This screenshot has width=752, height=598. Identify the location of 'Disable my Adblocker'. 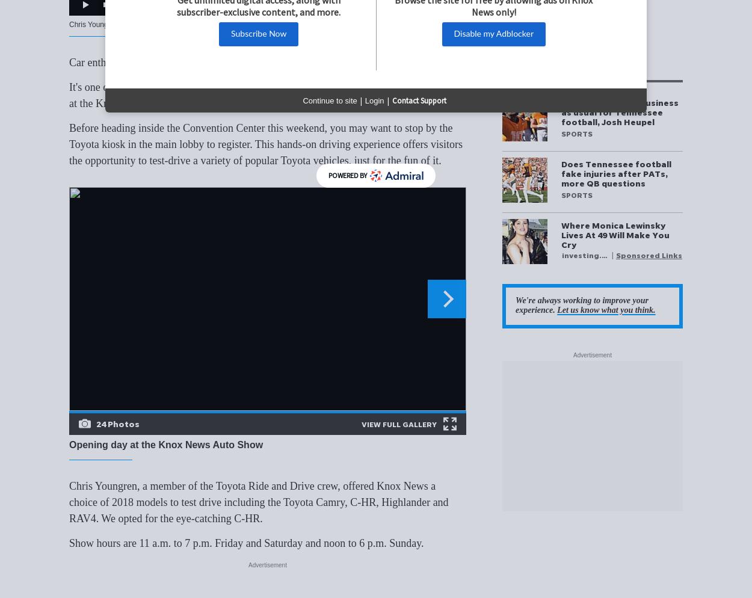
(493, 33).